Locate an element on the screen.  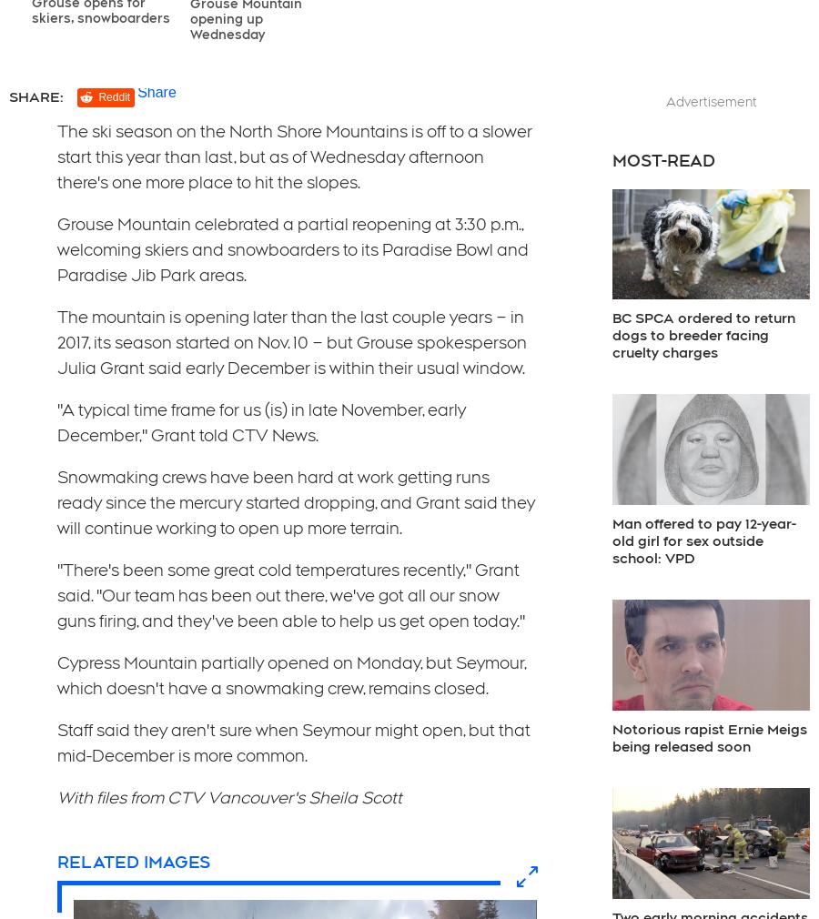
'Cypress Mountain partially opened on Monday, but Seymour, which doesn't have a snowmaking crew, remains closed.' is located at coordinates (289, 674).